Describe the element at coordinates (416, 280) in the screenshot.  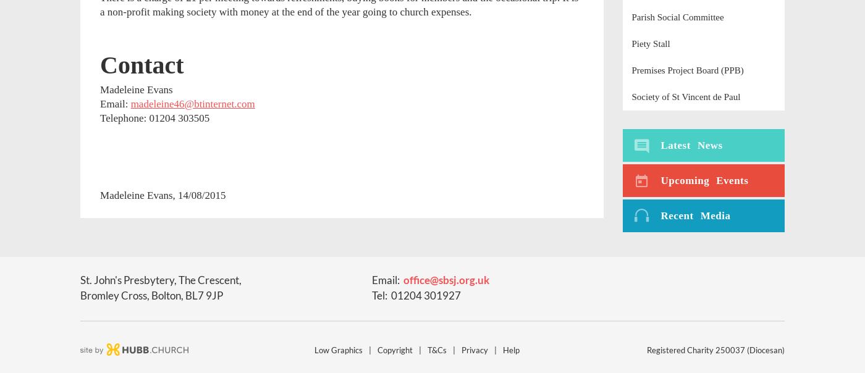
I see `'office'` at that location.